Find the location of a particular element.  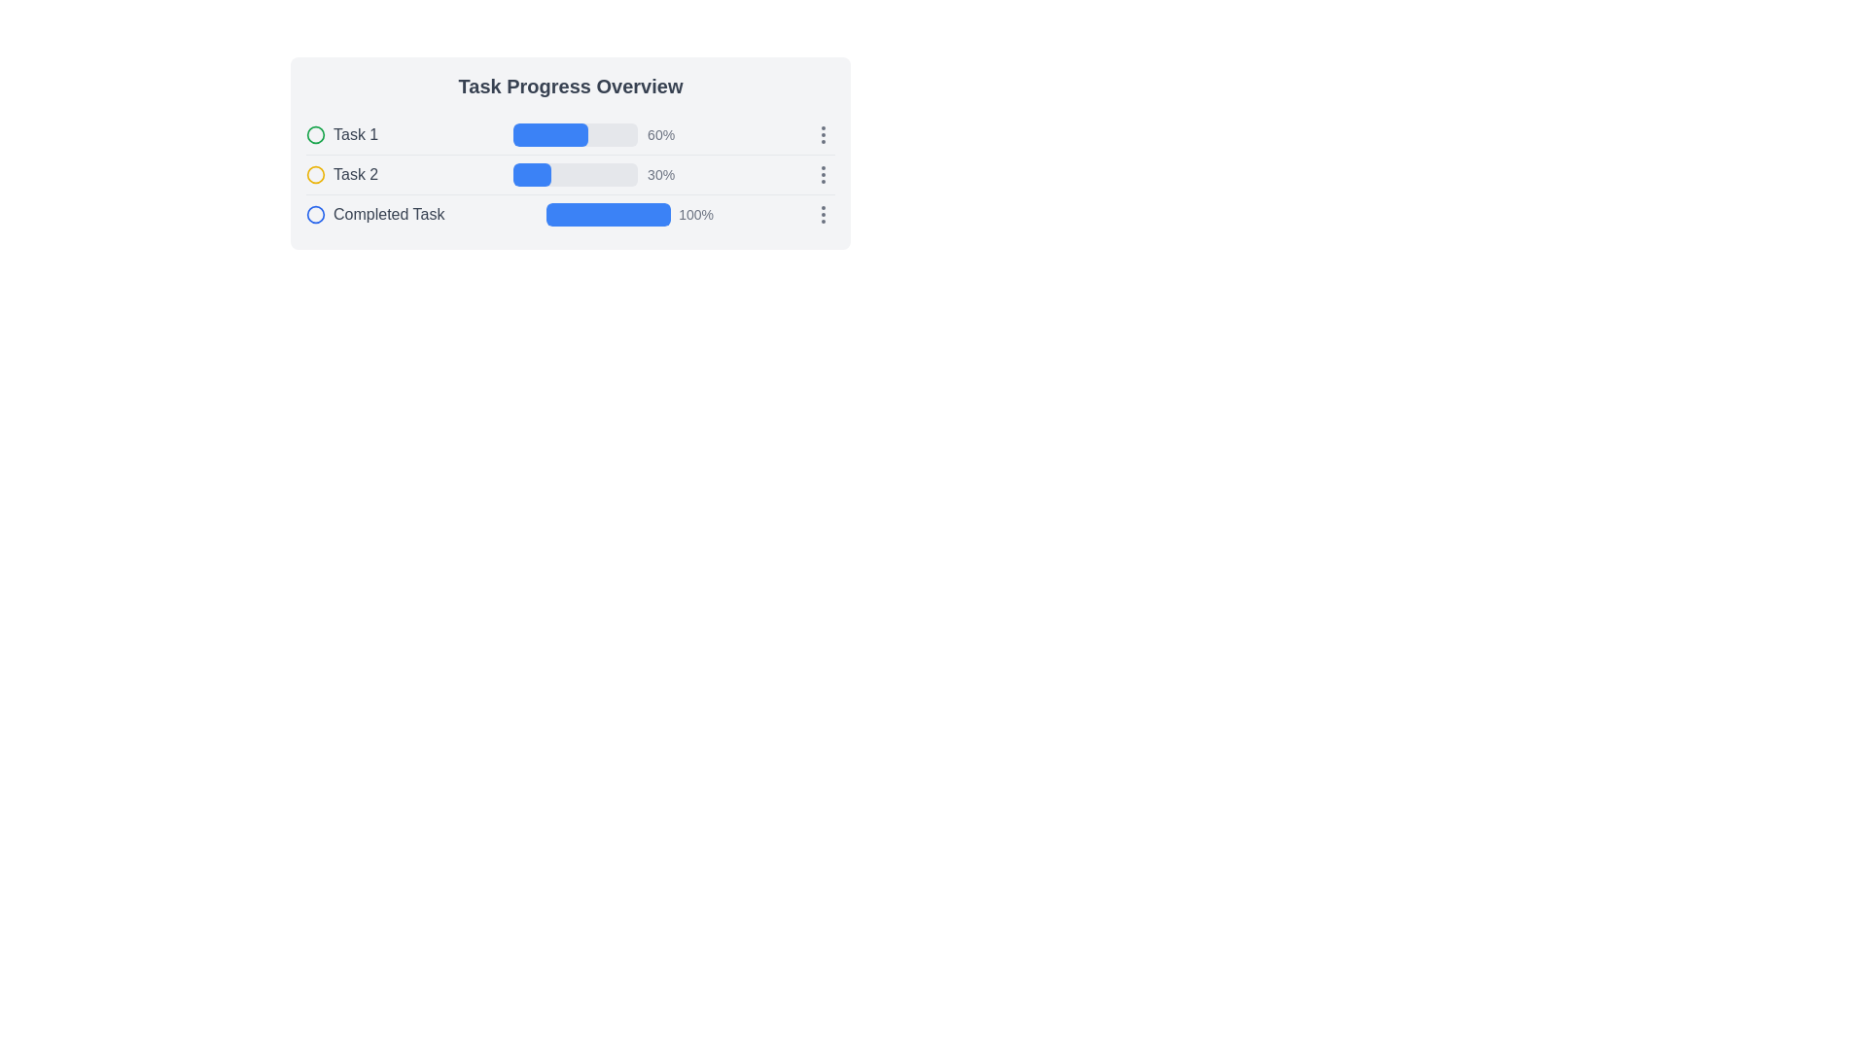

the horizontal blue progress bar labeled '60%' that is adjacent to 'Task 1' in the 'Task Progress Overview' section is located at coordinates (569, 134).